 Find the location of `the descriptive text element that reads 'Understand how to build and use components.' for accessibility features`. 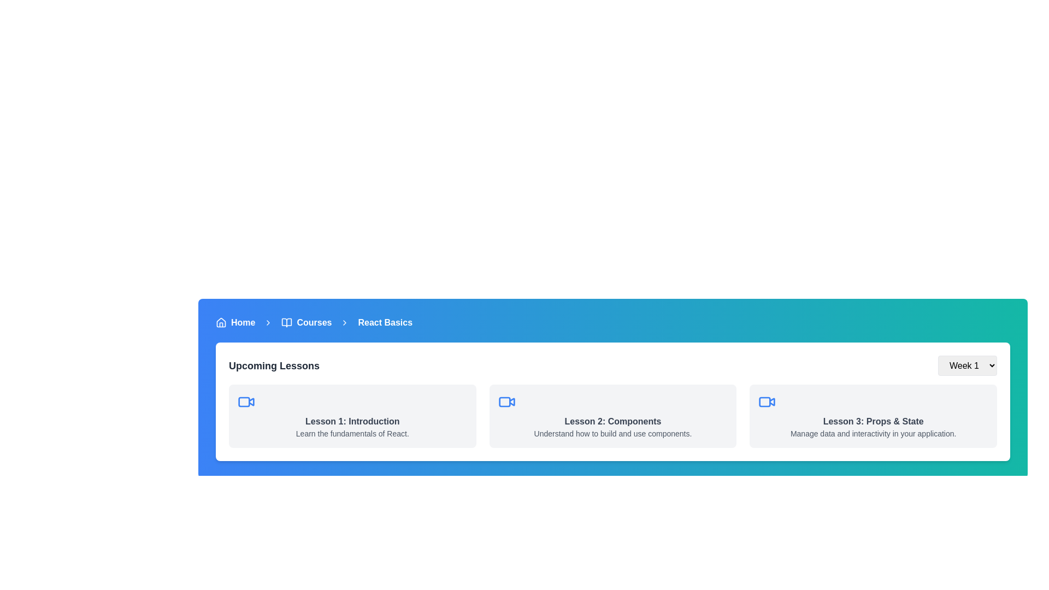

the descriptive text element that reads 'Understand how to build and use components.' for accessibility features is located at coordinates (613, 433).